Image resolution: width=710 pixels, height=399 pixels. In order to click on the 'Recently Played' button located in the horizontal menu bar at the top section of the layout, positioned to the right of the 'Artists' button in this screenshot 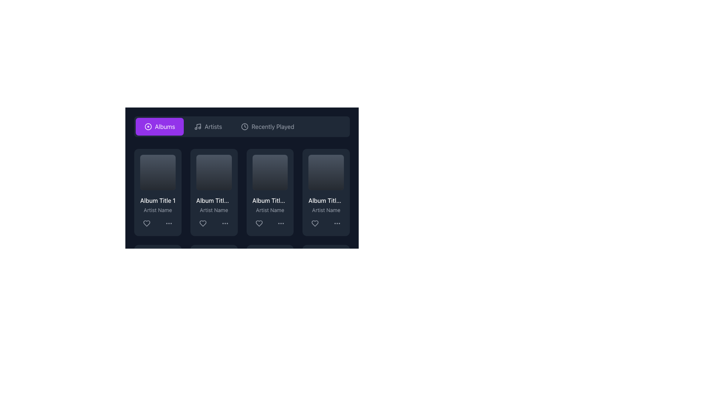, I will do `click(267, 126)`.